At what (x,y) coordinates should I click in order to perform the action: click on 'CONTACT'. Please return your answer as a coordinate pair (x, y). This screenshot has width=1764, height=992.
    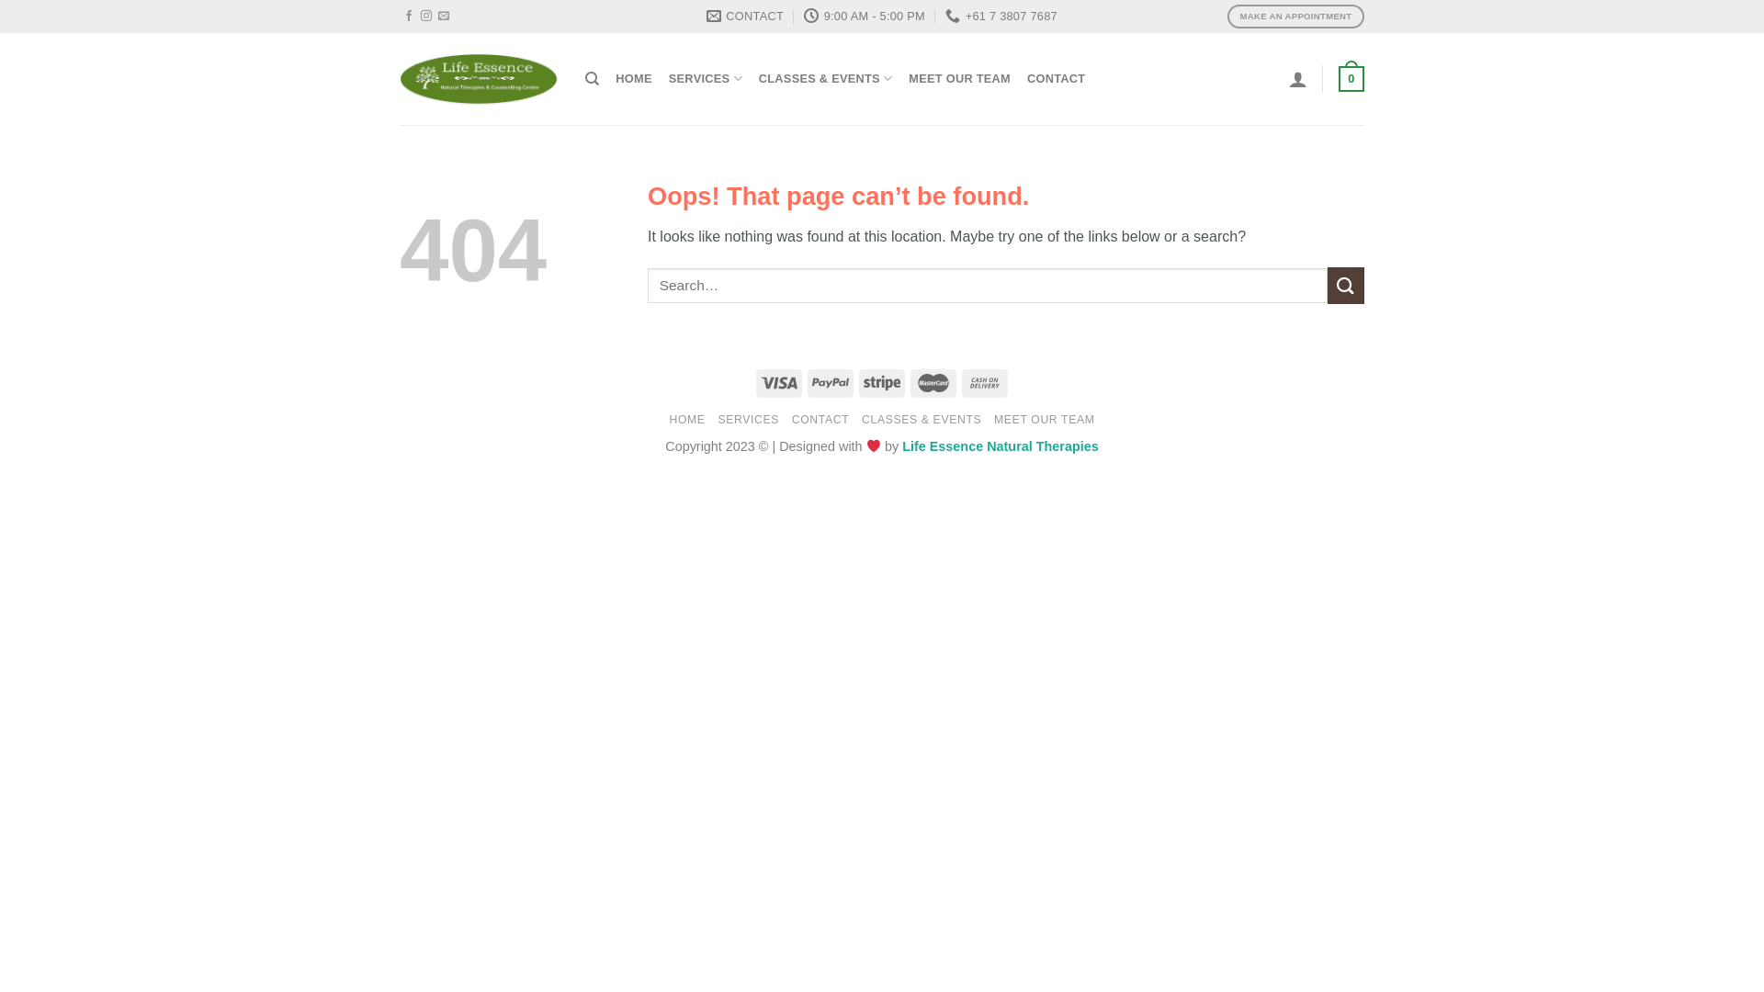
    Looking at the image, I should click on (820, 419).